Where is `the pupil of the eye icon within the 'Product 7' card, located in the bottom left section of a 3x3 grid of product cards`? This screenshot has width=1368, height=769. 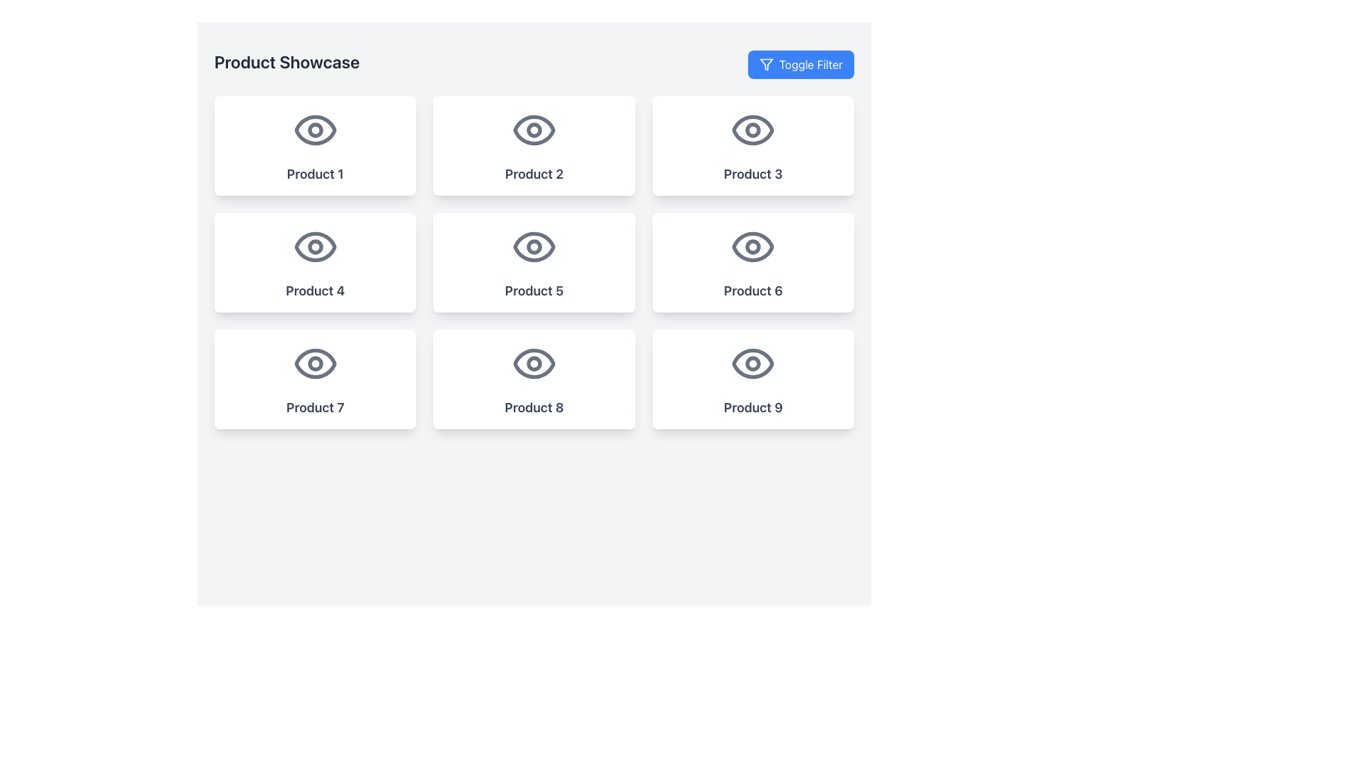 the pupil of the eye icon within the 'Product 7' card, located in the bottom left section of a 3x3 grid of product cards is located at coordinates (314, 362).